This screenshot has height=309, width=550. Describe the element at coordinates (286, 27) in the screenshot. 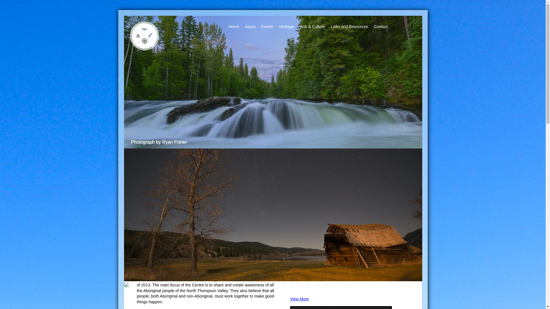

I see `'Heritage'` at that location.